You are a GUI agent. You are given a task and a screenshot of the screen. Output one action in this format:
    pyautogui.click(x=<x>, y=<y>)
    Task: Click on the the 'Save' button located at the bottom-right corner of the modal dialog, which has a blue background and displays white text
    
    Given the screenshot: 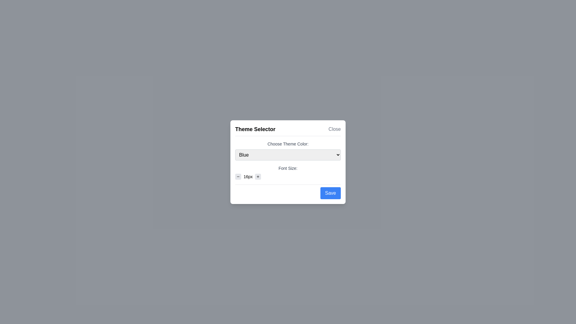 What is the action you would take?
    pyautogui.click(x=330, y=193)
    